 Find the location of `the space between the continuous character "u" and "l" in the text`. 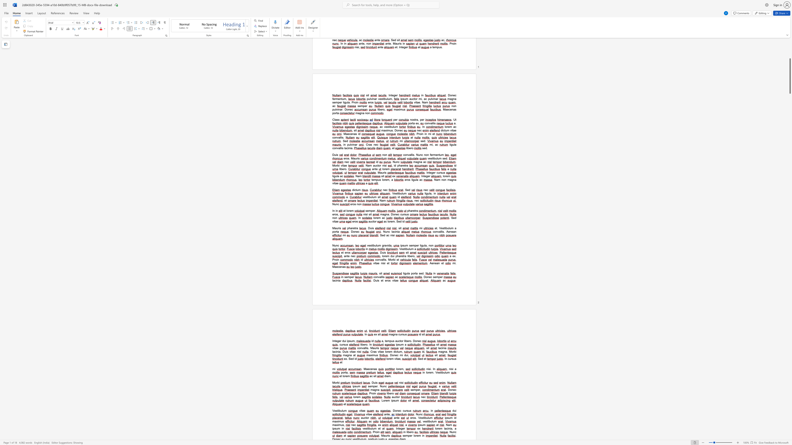

the space between the continuous character "u" and "l" in the text is located at coordinates (427, 417).